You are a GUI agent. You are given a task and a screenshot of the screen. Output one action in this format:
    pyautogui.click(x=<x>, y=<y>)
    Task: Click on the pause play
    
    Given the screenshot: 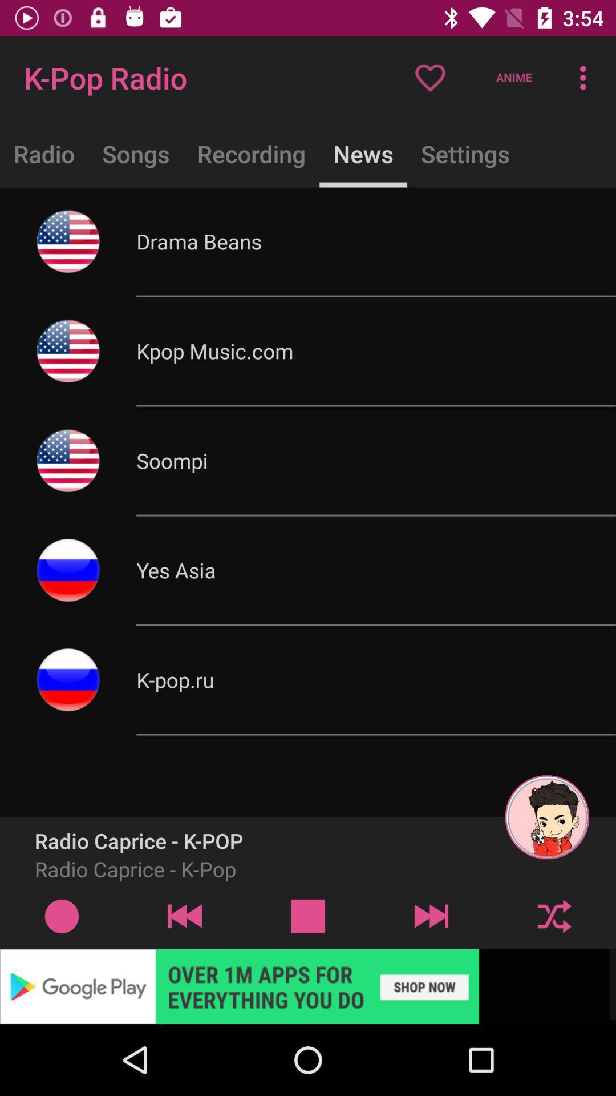 What is the action you would take?
    pyautogui.click(x=308, y=916)
    